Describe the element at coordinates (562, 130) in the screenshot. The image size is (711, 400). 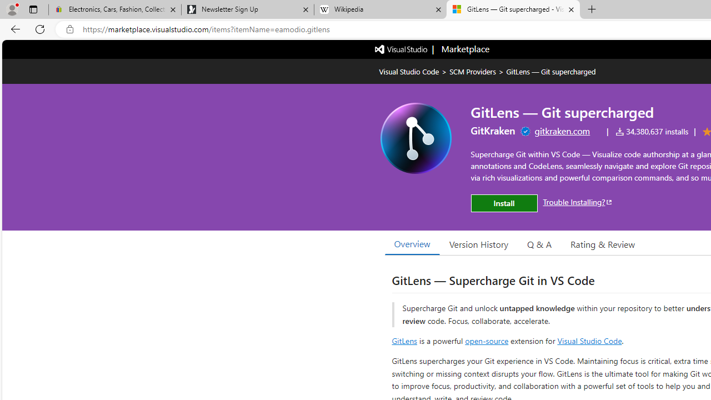
I see `'gitkraken.com'` at that location.